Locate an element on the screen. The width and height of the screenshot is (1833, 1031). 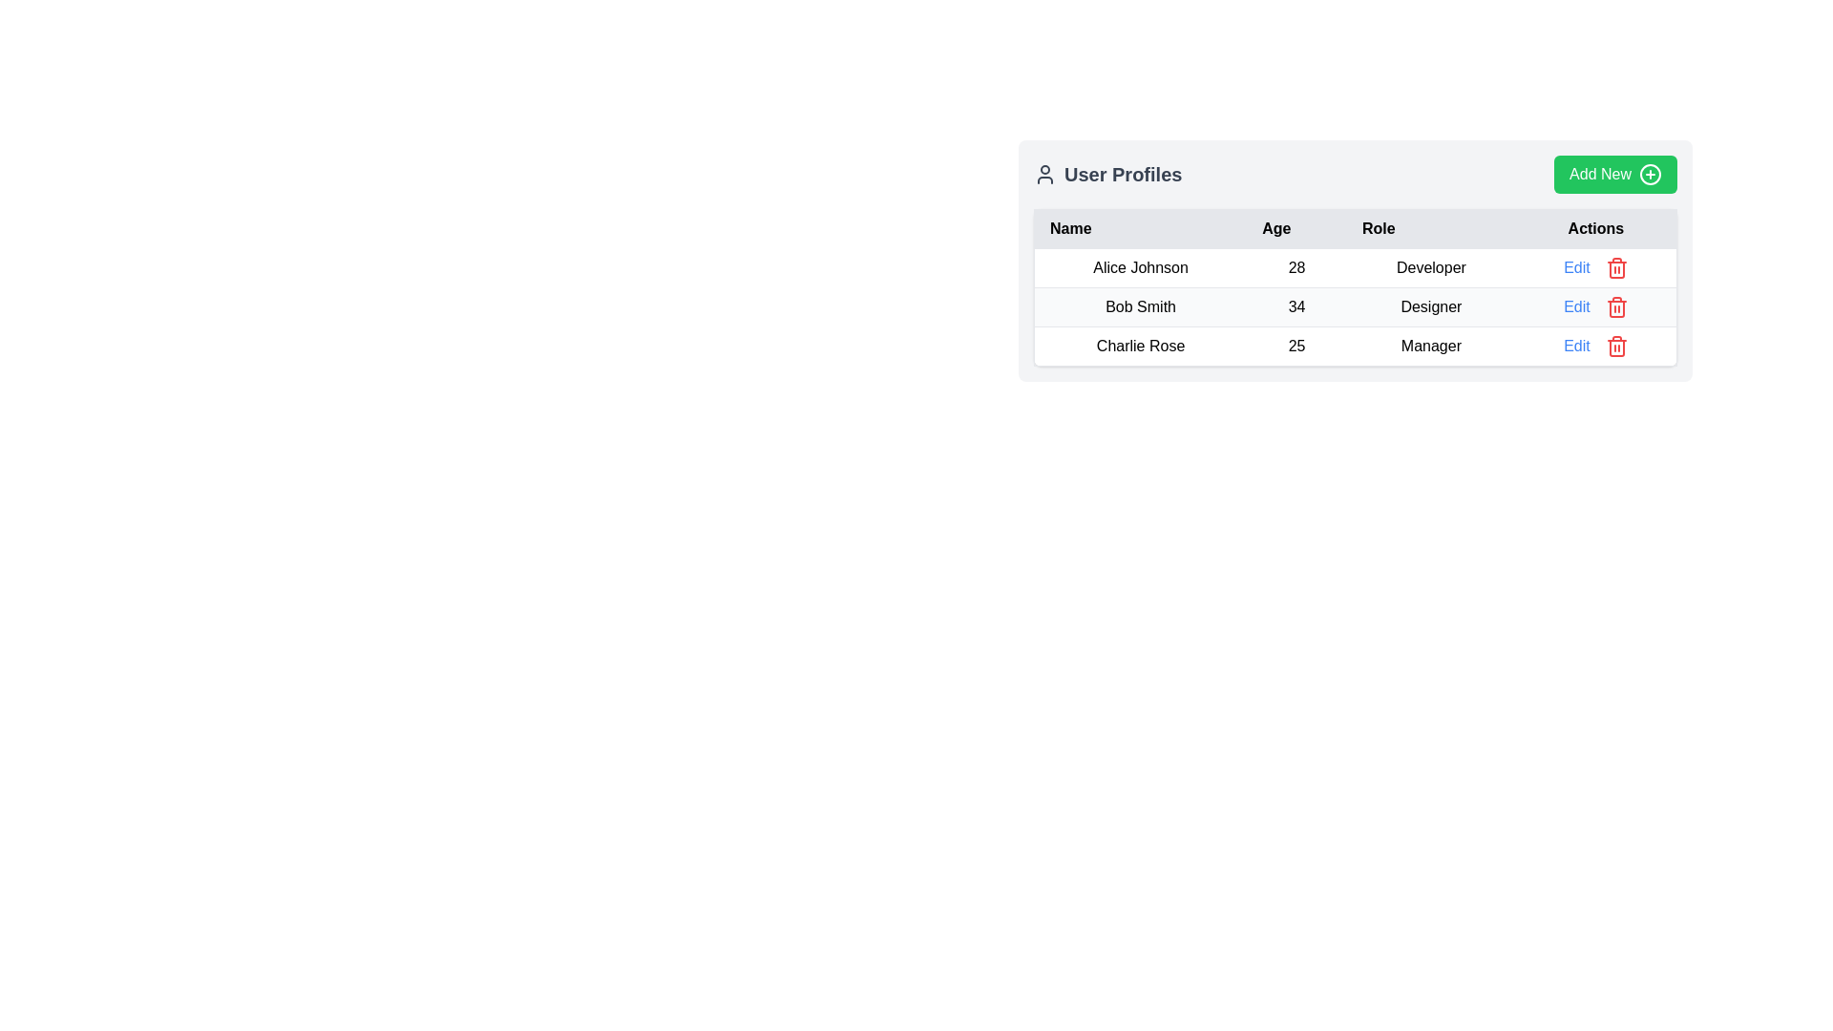
the blue-colored text link labeled 'Edit' located in the 'Actions' column of the second row for user 'Bob Smith' is located at coordinates (1576, 305).